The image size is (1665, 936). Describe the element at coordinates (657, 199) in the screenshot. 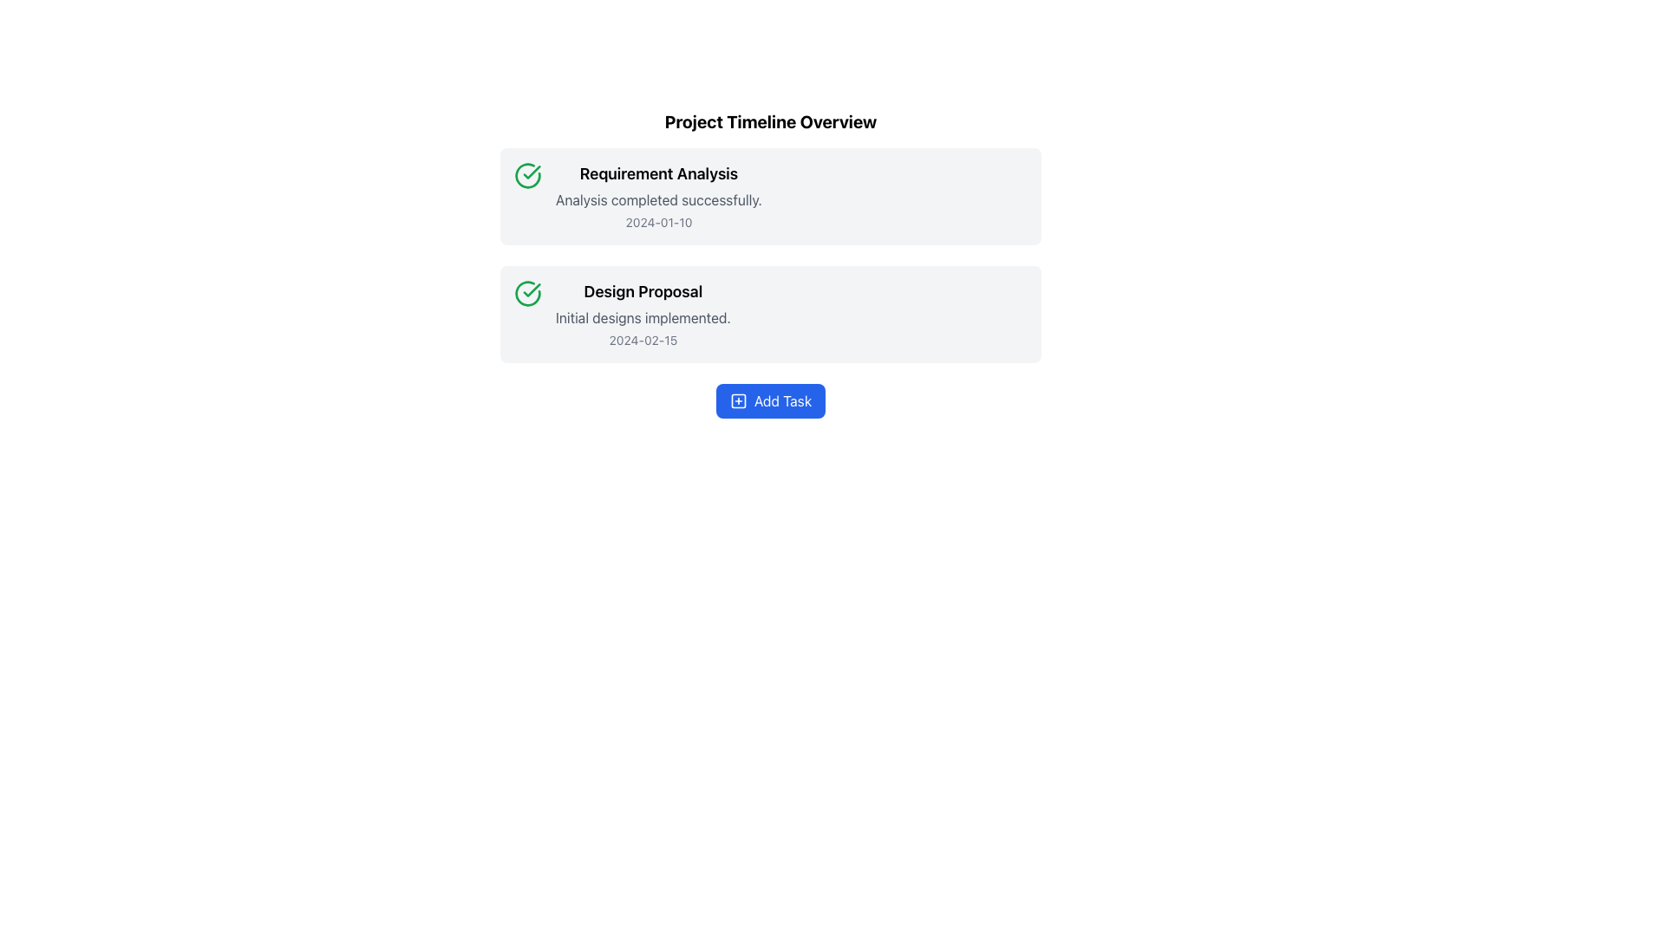

I see `the text label displaying 'Analysis completed successfully.'` at that location.